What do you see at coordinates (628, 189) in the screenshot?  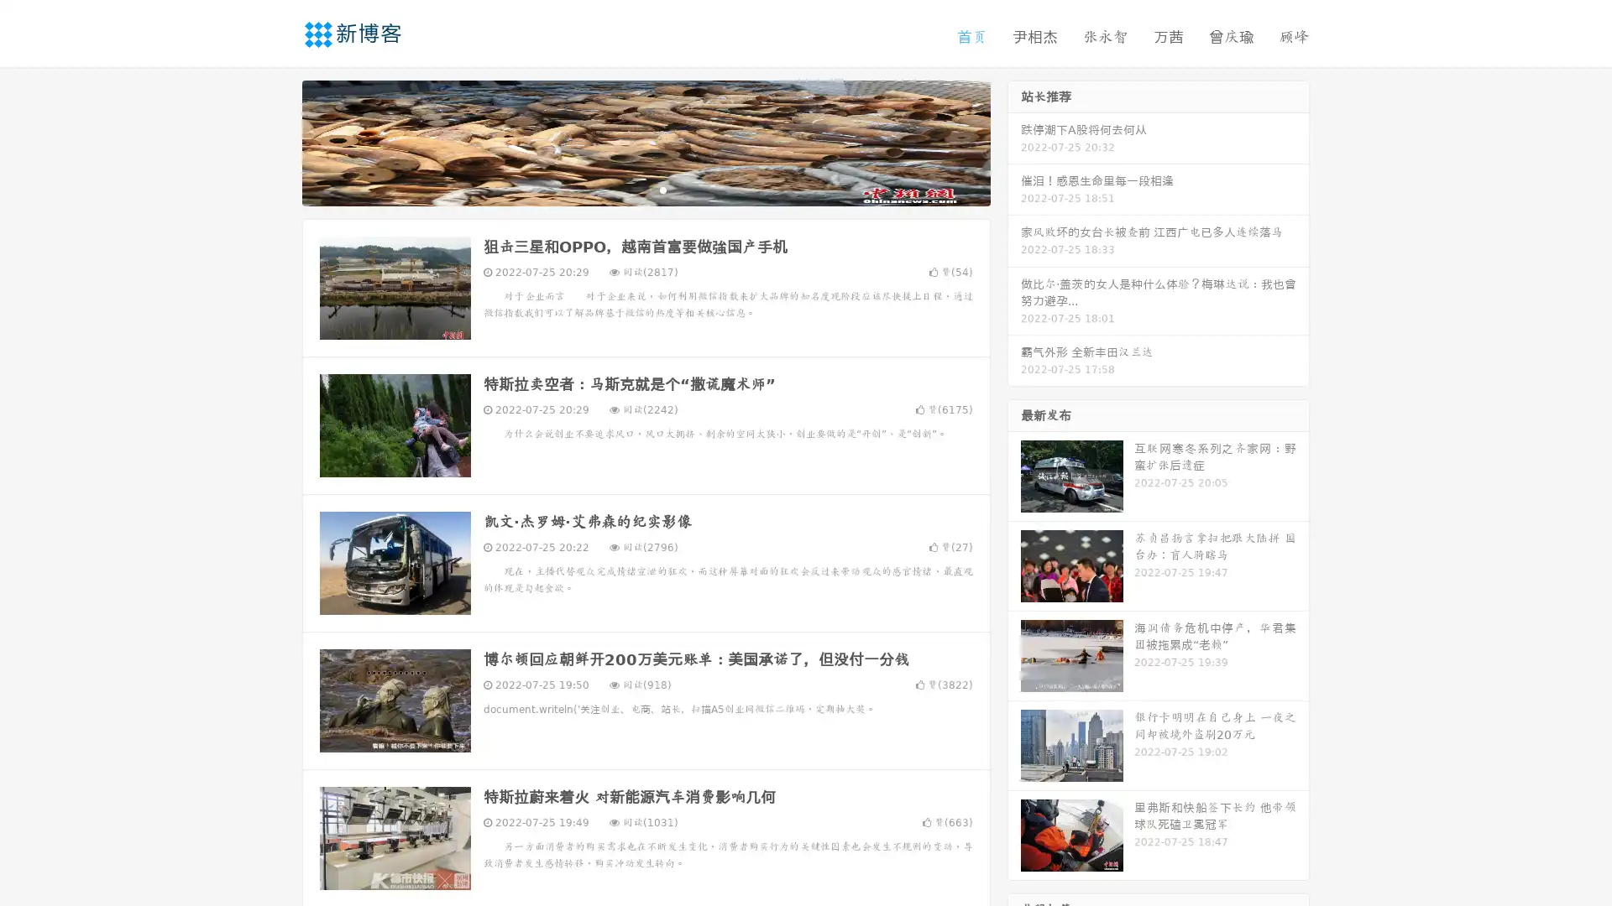 I see `Go to slide 1` at bounding box center [628, 189].